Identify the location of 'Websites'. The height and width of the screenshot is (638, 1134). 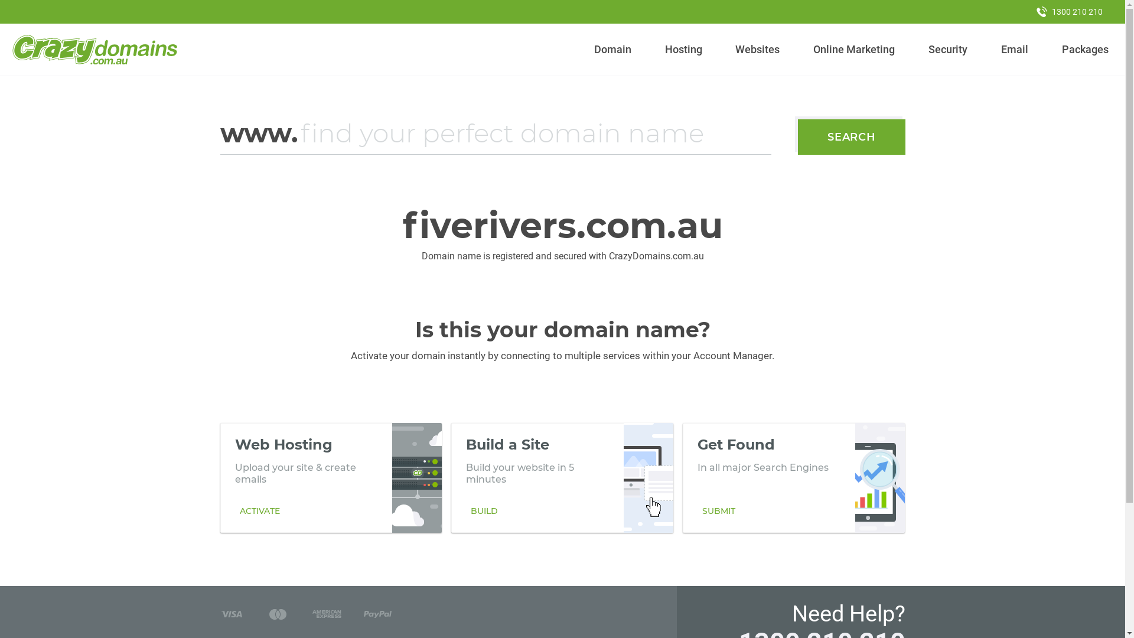
(730, 49).